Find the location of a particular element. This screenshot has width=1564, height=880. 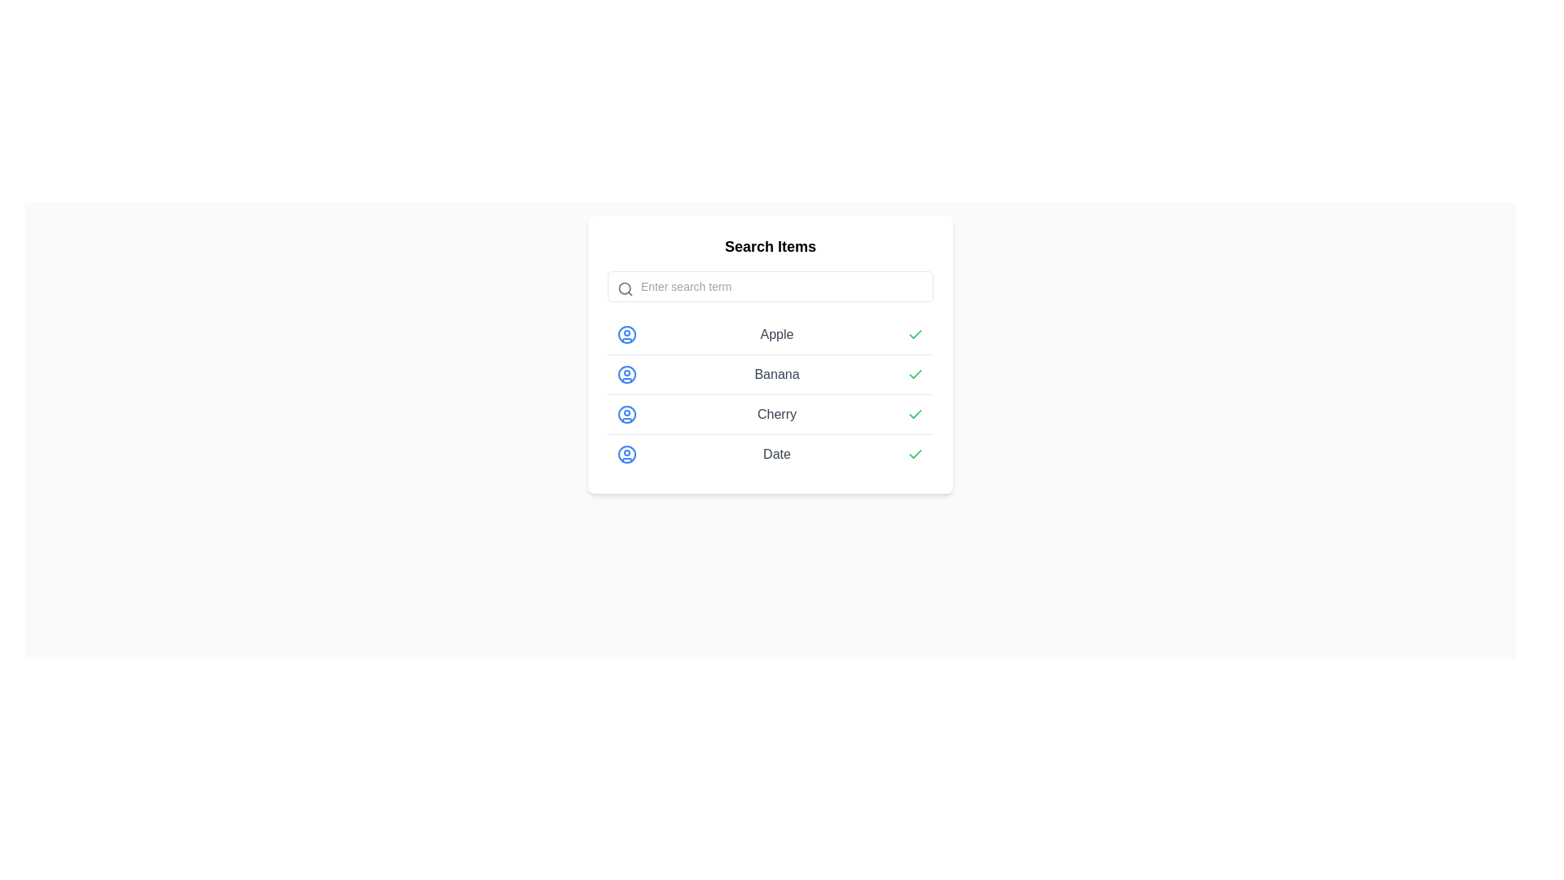

the circular user silhouette icon with a blue outline located to the left of the text 'Cherry' in the list of items is located at coordinates (626, 414).